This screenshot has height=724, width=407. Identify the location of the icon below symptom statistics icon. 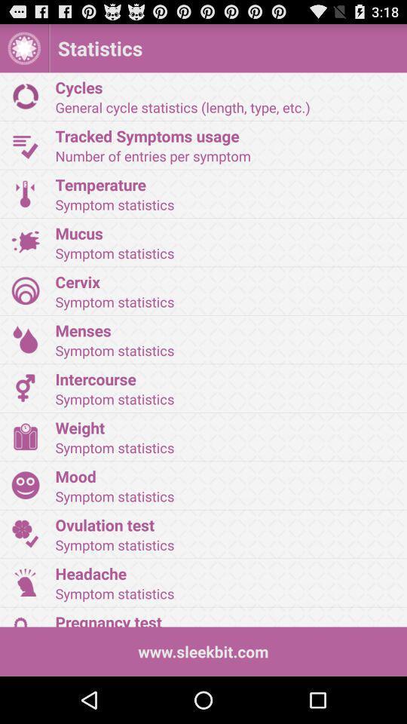
(225, 233).